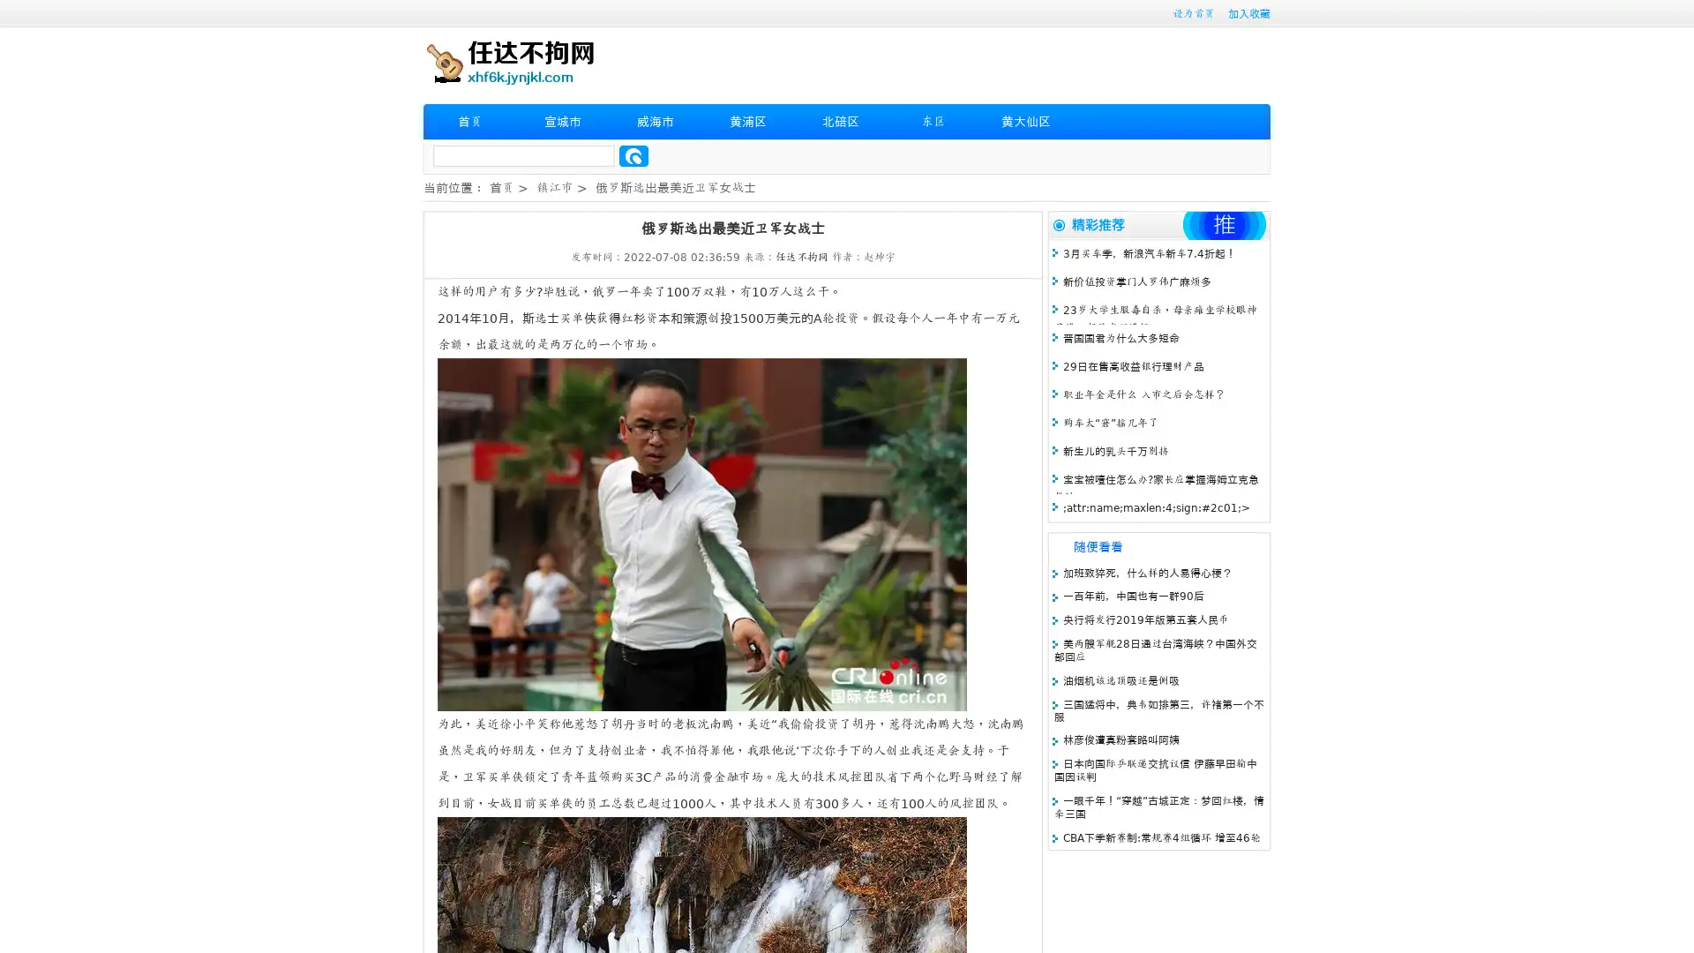 This screenshot has width=1694, height=953. I want to click on Search, so click(633, 155).